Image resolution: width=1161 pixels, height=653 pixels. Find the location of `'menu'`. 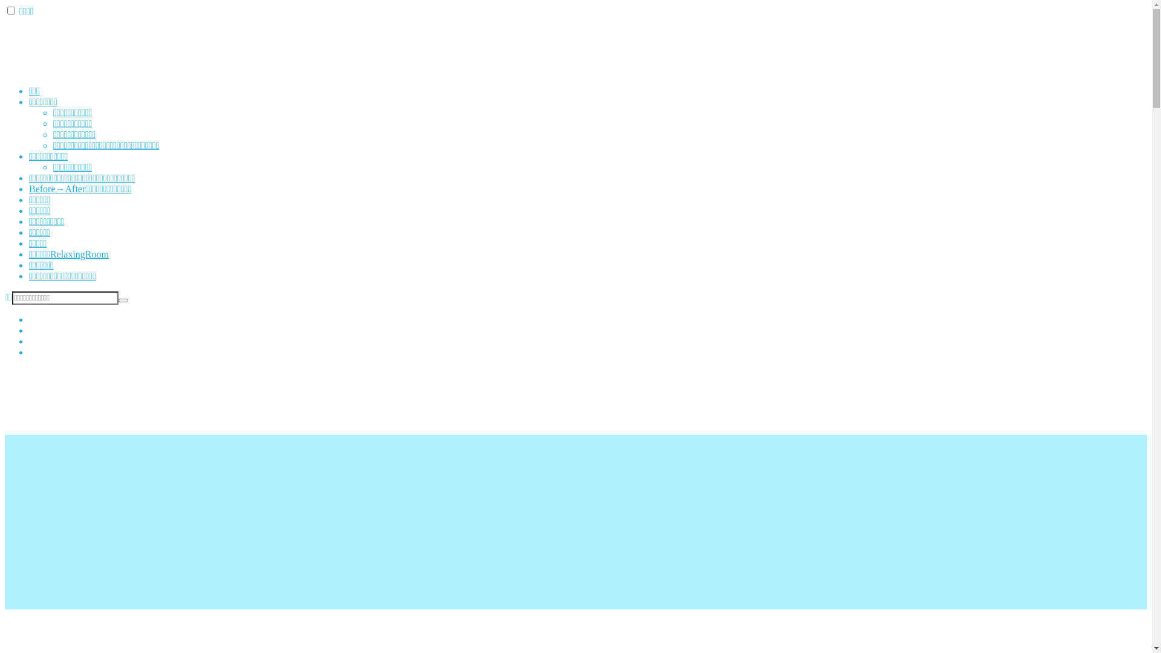

'menu' is located at coordinates (11, 10).